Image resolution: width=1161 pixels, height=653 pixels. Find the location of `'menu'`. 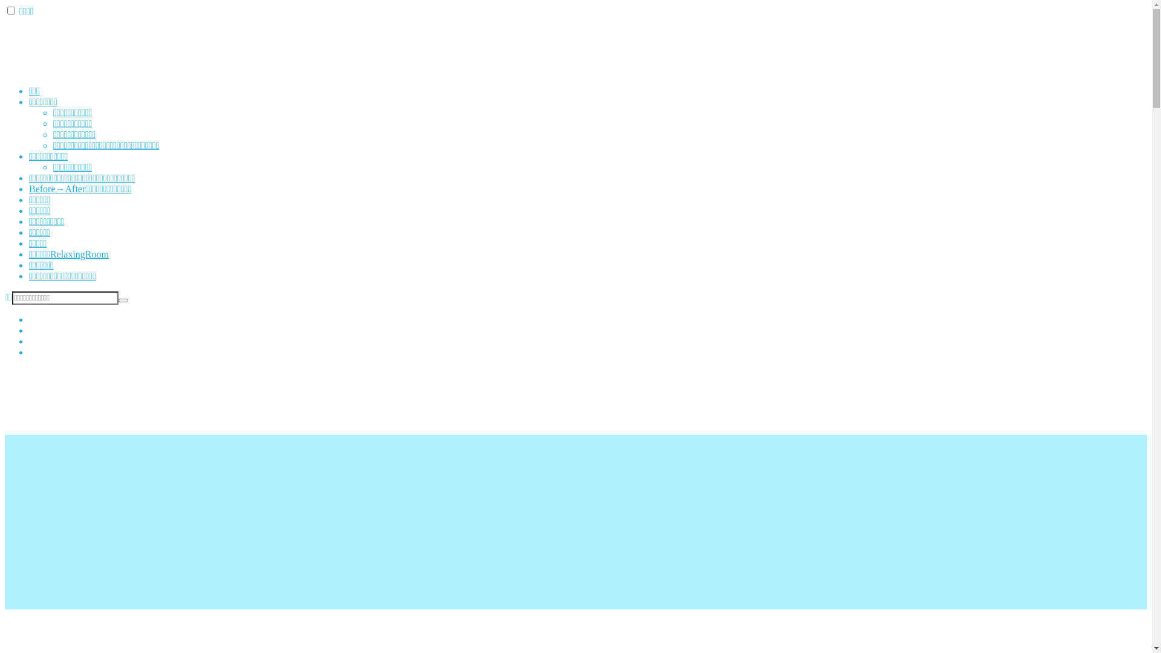

'menu' is located at coordinates (11, 10).